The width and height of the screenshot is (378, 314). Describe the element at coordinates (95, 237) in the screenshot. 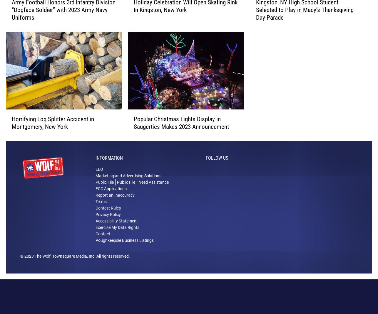

I see `'Exercise My Data Rights'` at that location.